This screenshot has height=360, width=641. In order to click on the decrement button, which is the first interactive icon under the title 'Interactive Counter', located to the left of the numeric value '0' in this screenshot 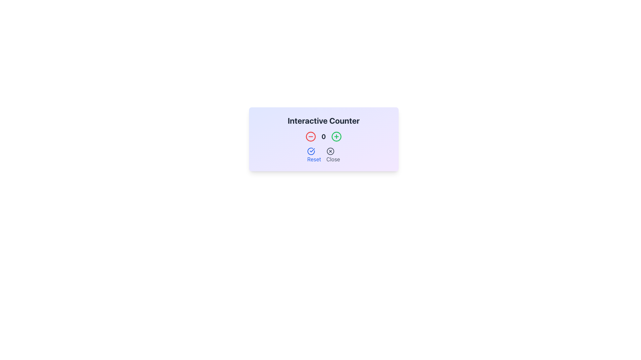, I will do `click(310, 136)`.